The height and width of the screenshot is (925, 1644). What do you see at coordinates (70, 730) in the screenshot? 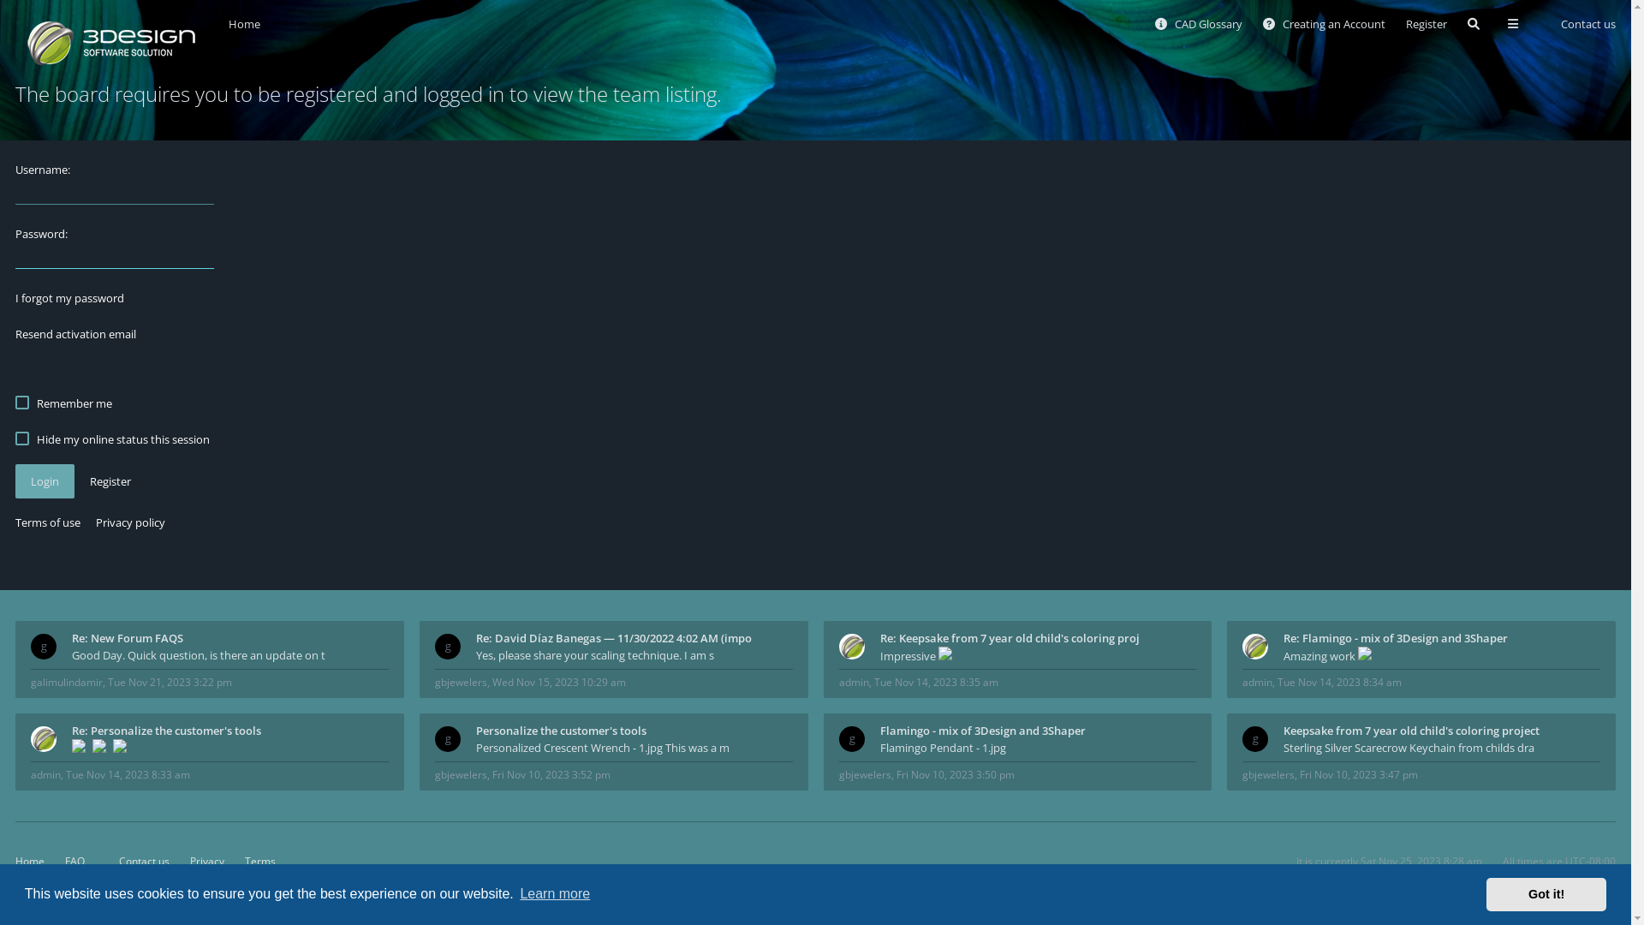
I see `'Re: Personalize the customer's tools'` at bounding box center [70, 730].